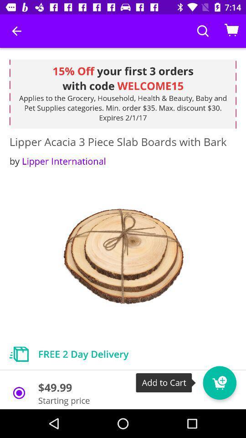  I want to click on icon below by lipper international icon, so click(123, 256).